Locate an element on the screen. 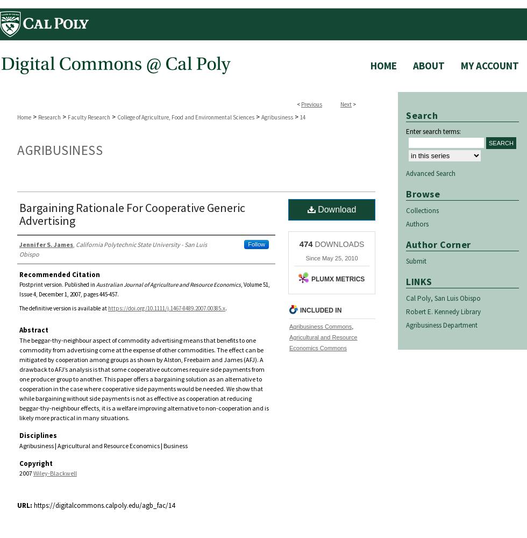  'https://digitalcommons.calpoly.edu/agb_fac/14' is located at coordinates (103, 505).